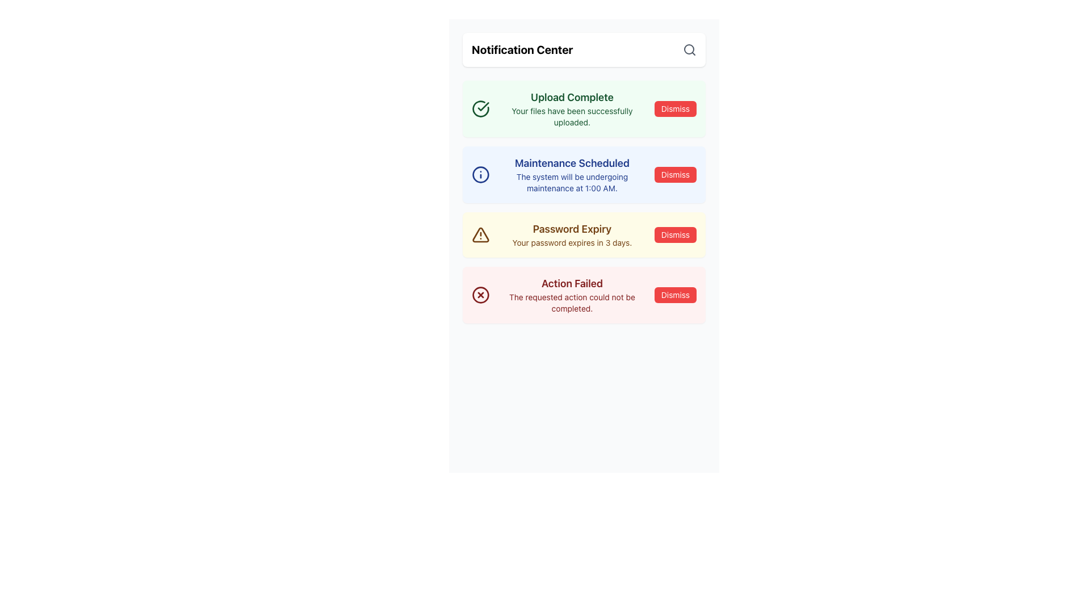 The width and height of the screenshot is (1090, 613). Describe the element at coordinates (572, 182) in the screenshot. I see `the text label displaying the message 'The system will be undergoing maintenance at 1:00 AM.' which is located below the title 'Maintenance Scheduled' in the notification card` at that location.